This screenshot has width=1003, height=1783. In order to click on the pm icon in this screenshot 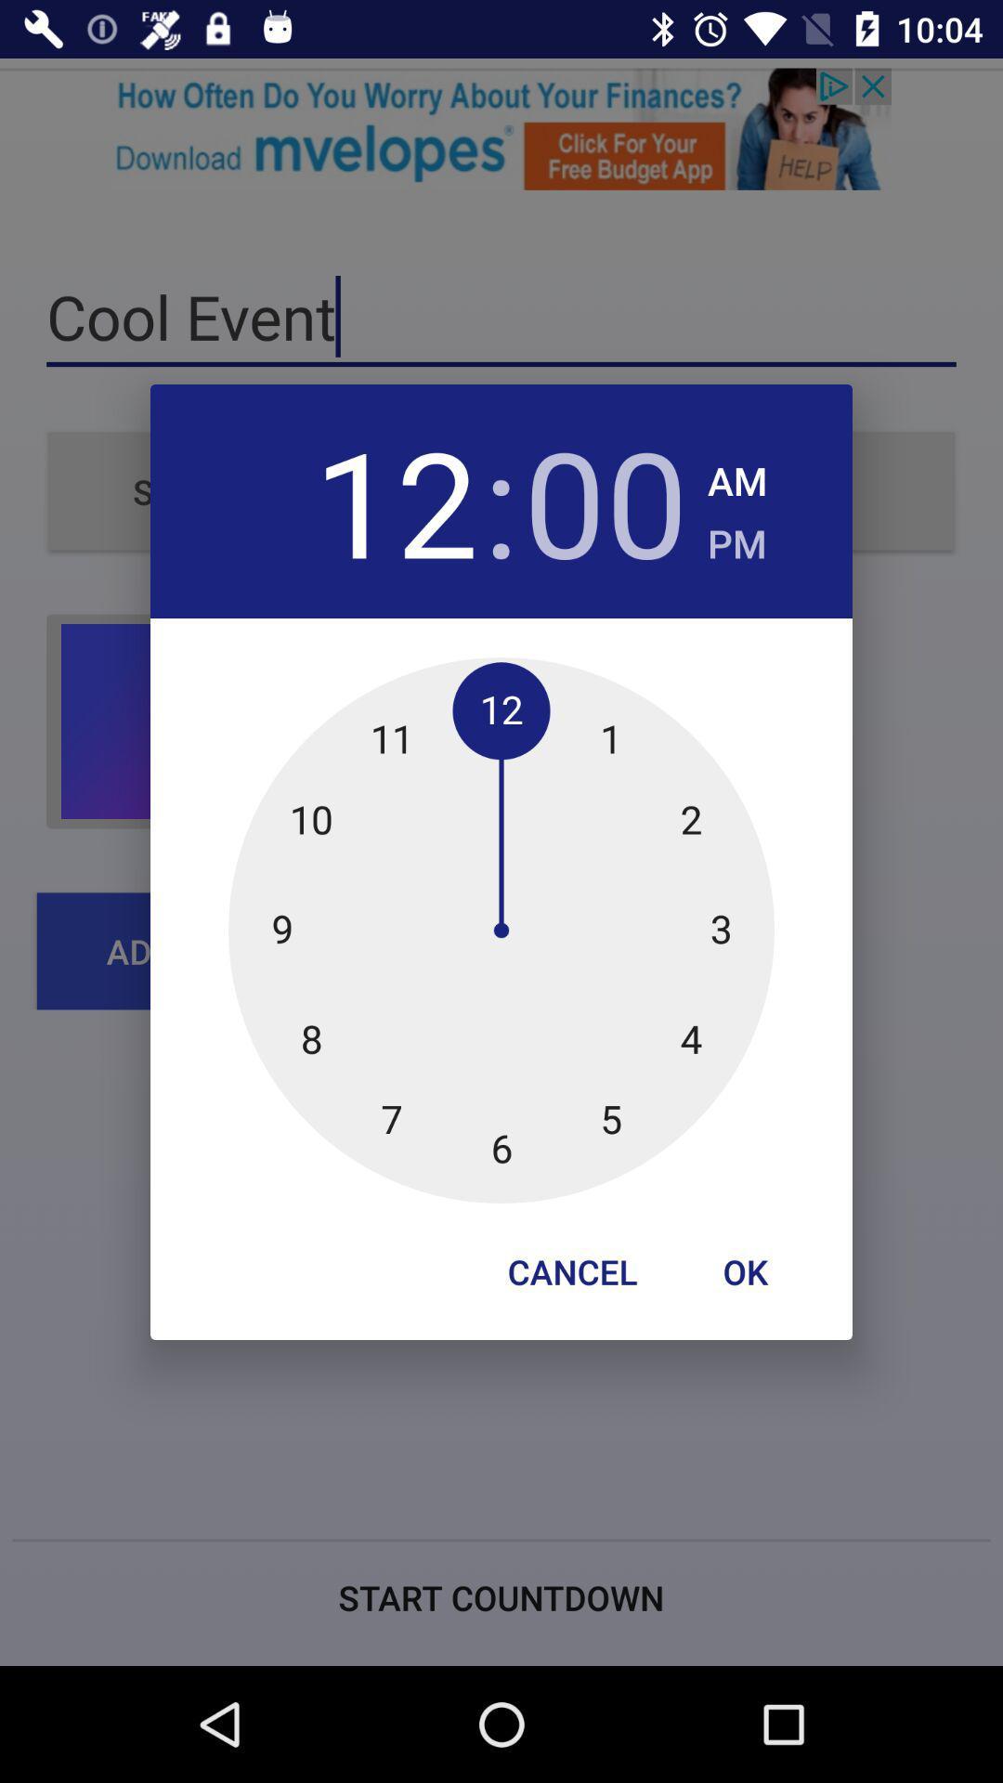, I will do `click(736, 537)`.